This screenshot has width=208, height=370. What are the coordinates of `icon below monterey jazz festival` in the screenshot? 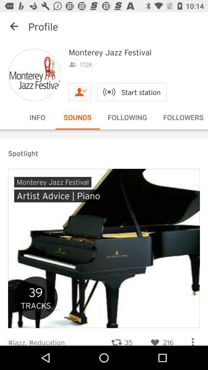 It's located at (131, 92).